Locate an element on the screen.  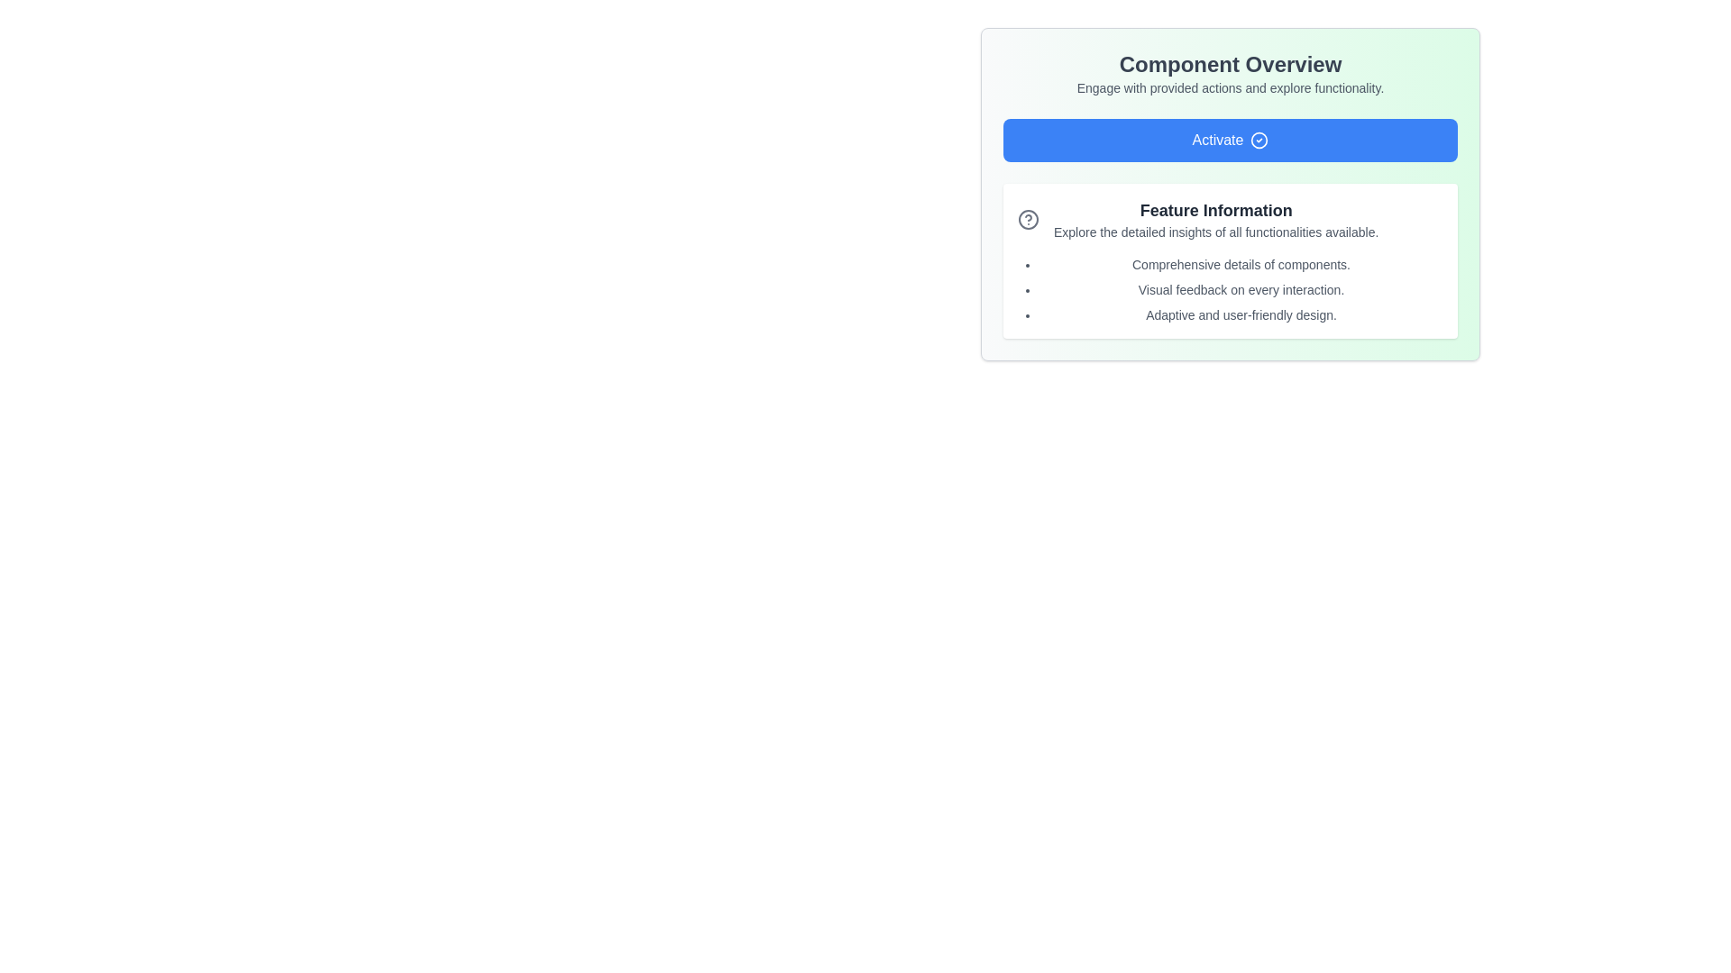
the text block that displays 'Feature Information' and its subtitle 'Explore the detailed insights of all functionalities available.' This text block is located within the 'Component Overview' card, positioned below the 'Activate' button and above a list of bullet points is located at coordinates (1216, 218).